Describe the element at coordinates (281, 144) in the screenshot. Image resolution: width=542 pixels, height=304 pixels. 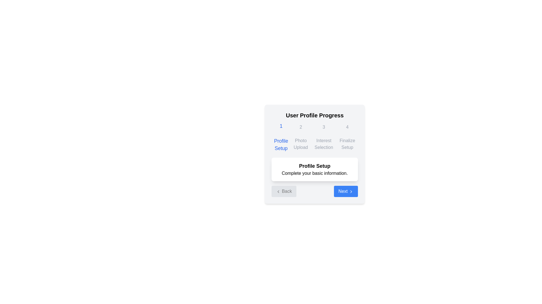
I see `the 'Profile Setup' text label, which is displayed in blue font as part of the first step in a user profile completion interface, located below the number '1'` at that location.